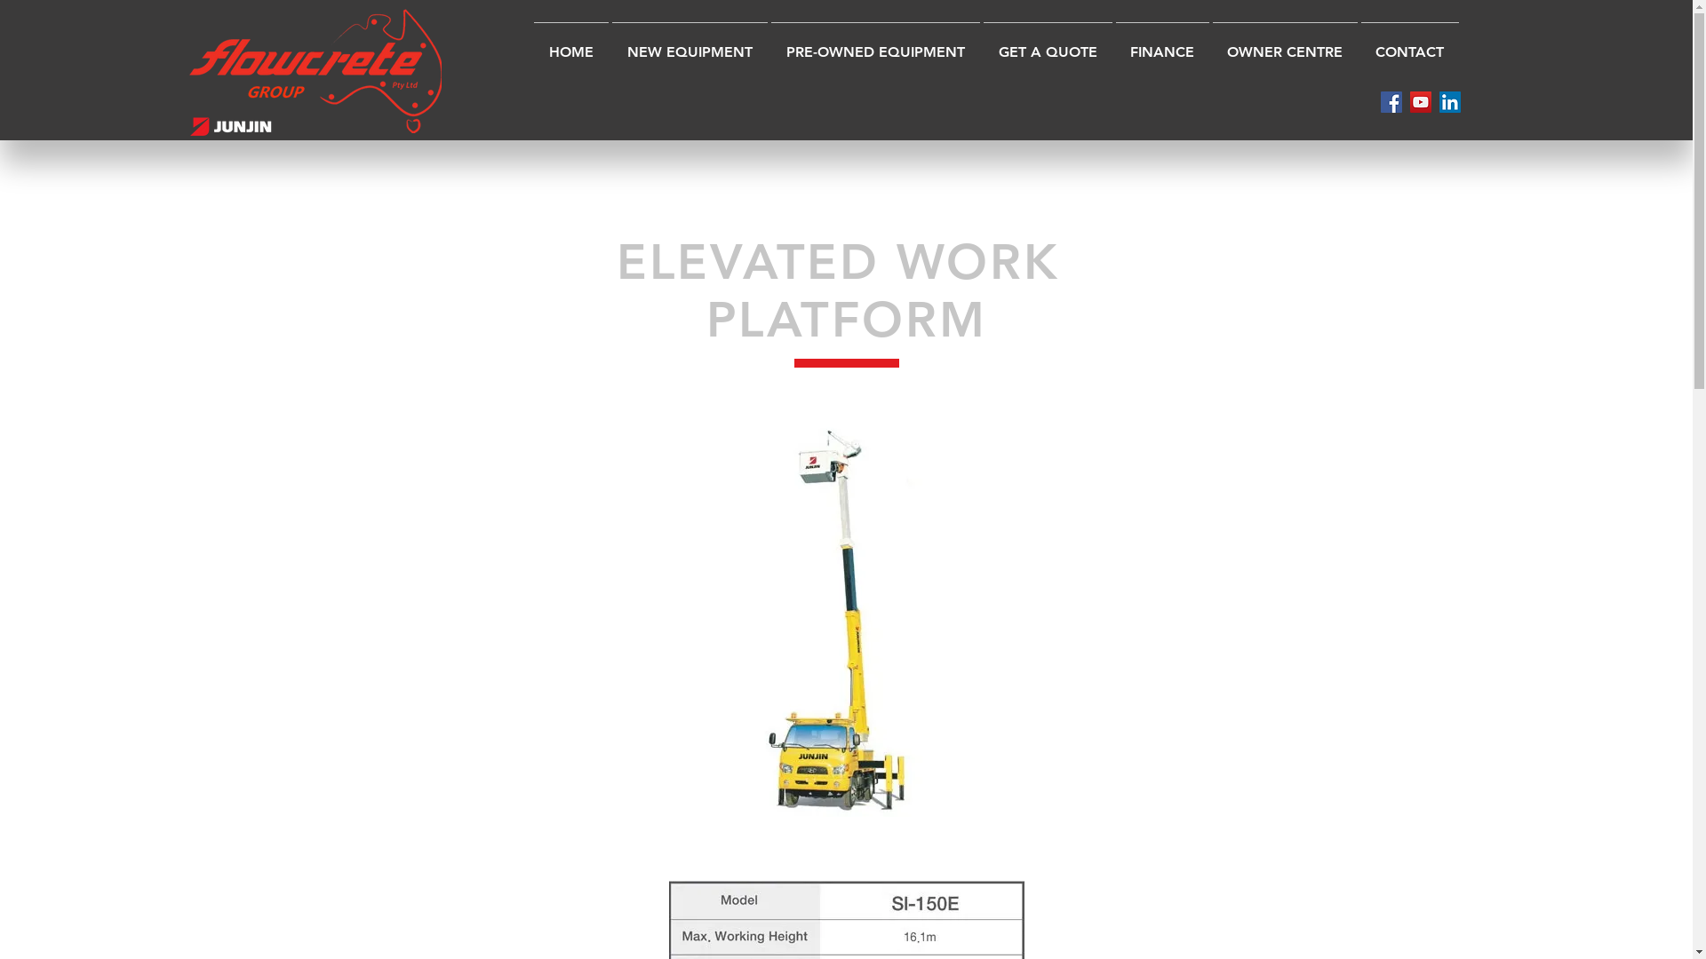 The image size is (1706, 959). What do you see at coordinates (570, 44) in the screenshot?
I see `'HOME'` at bounding box center [570, 44].